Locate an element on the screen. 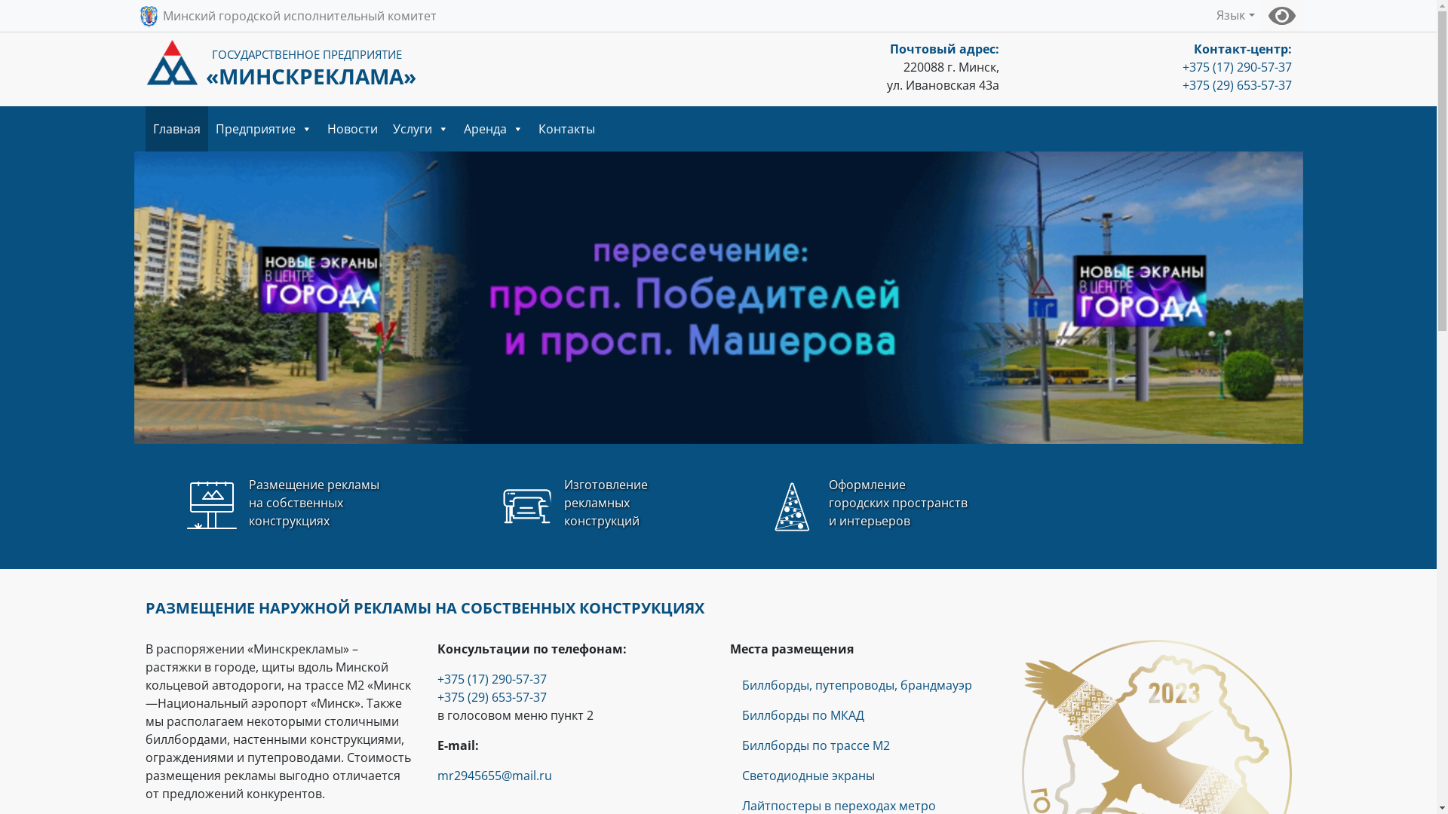  '+375 (17) 290-57-37' is located at coordinates (437, 679).